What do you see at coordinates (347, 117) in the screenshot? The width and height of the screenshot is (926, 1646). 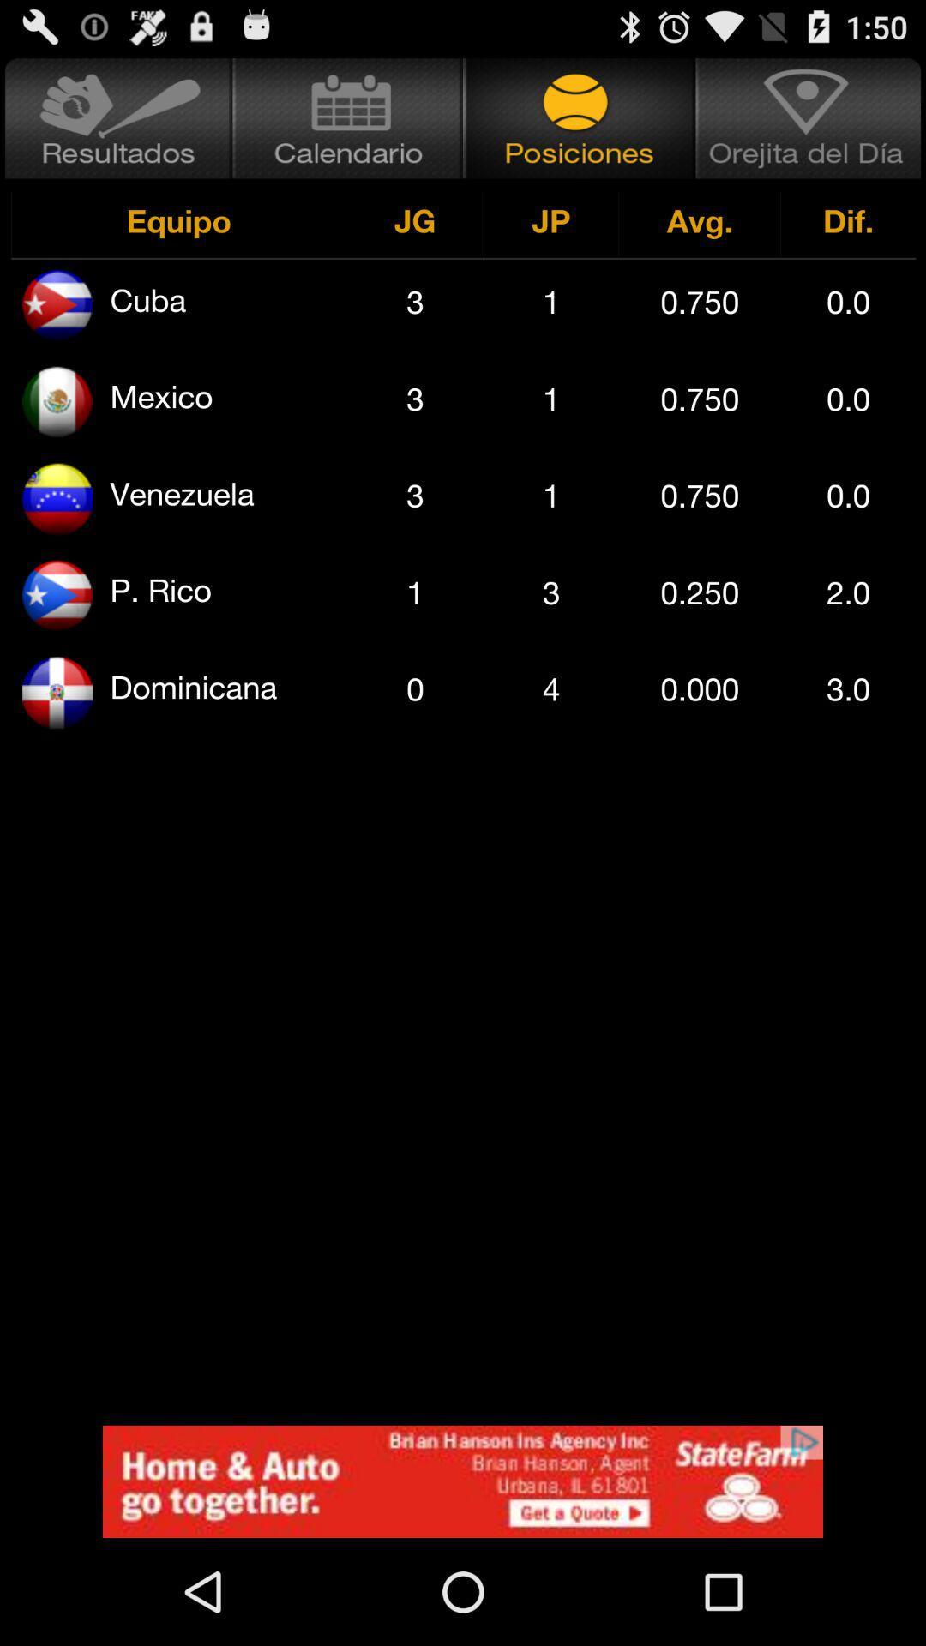 I see `open calendar` at bounding box center [347, 117].